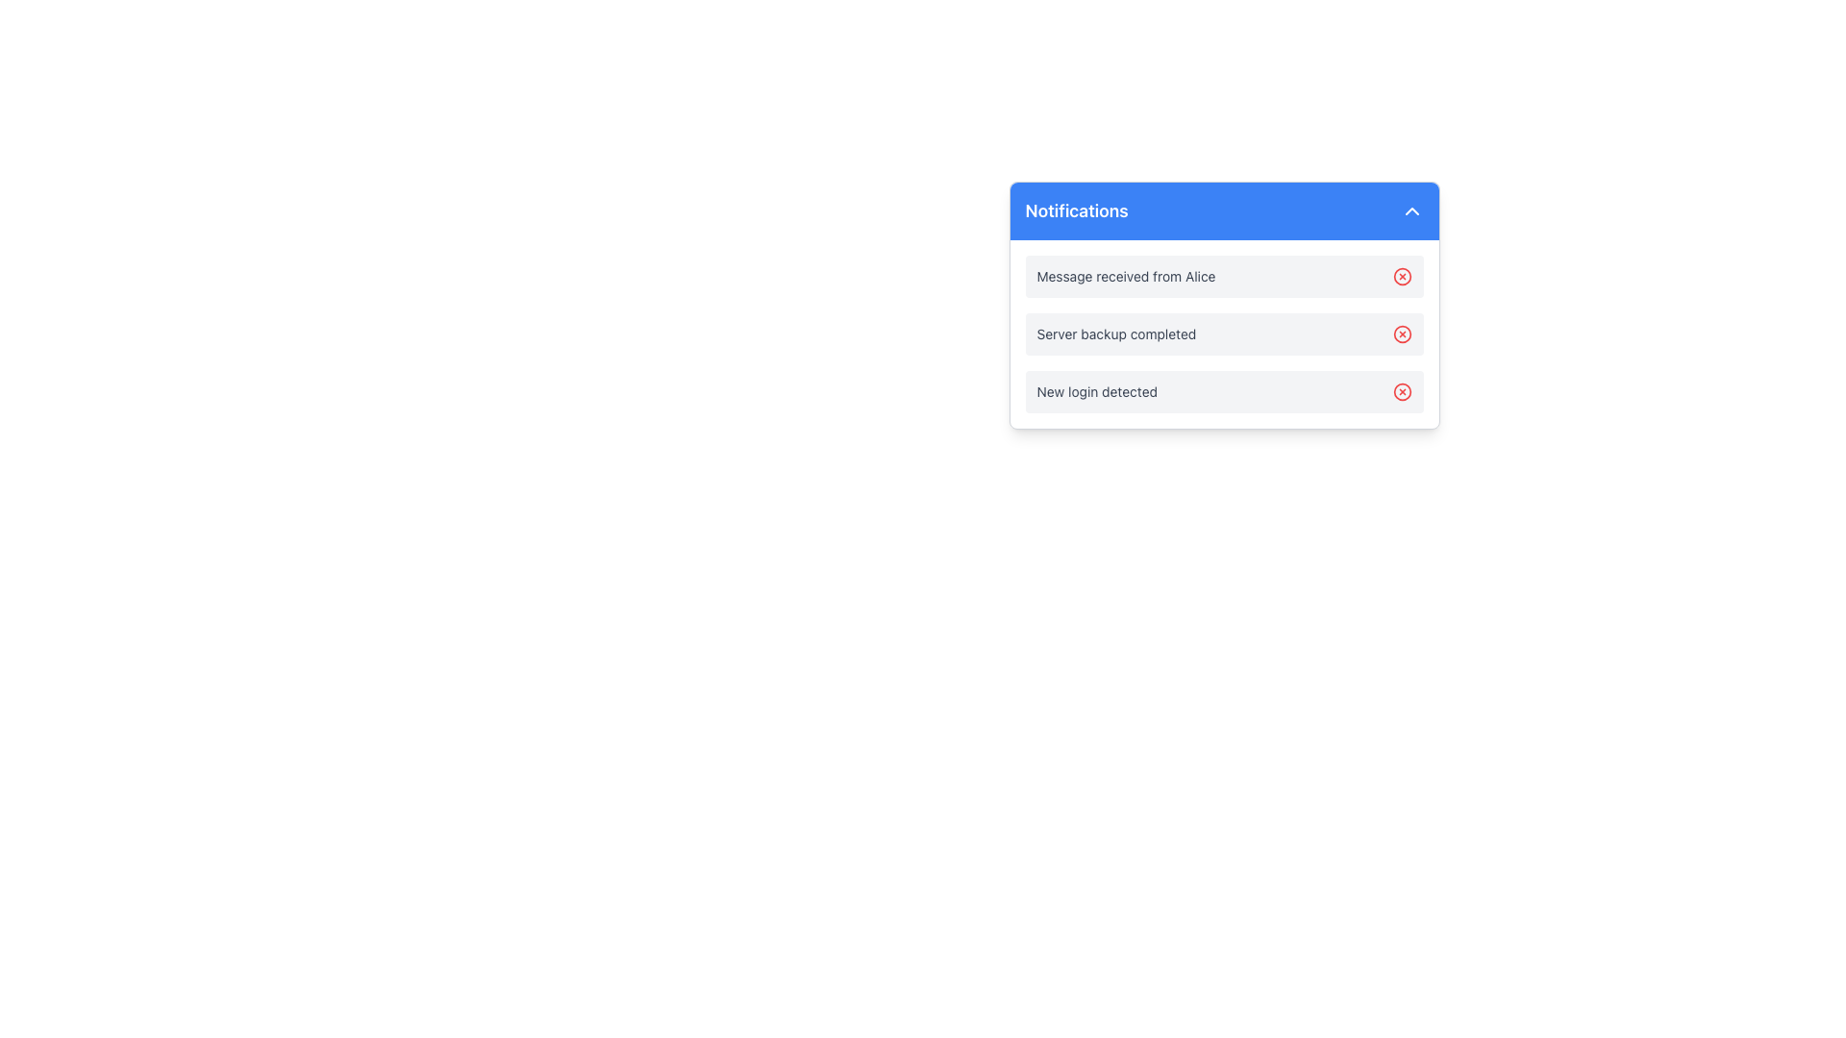 This screenshot has width=1846, height=1038. Describe the element at coordinates (1097, 391) in the screenshot. I see `the primary descriptive text indicating a new login in the last notification entry of the notification card` at that location.